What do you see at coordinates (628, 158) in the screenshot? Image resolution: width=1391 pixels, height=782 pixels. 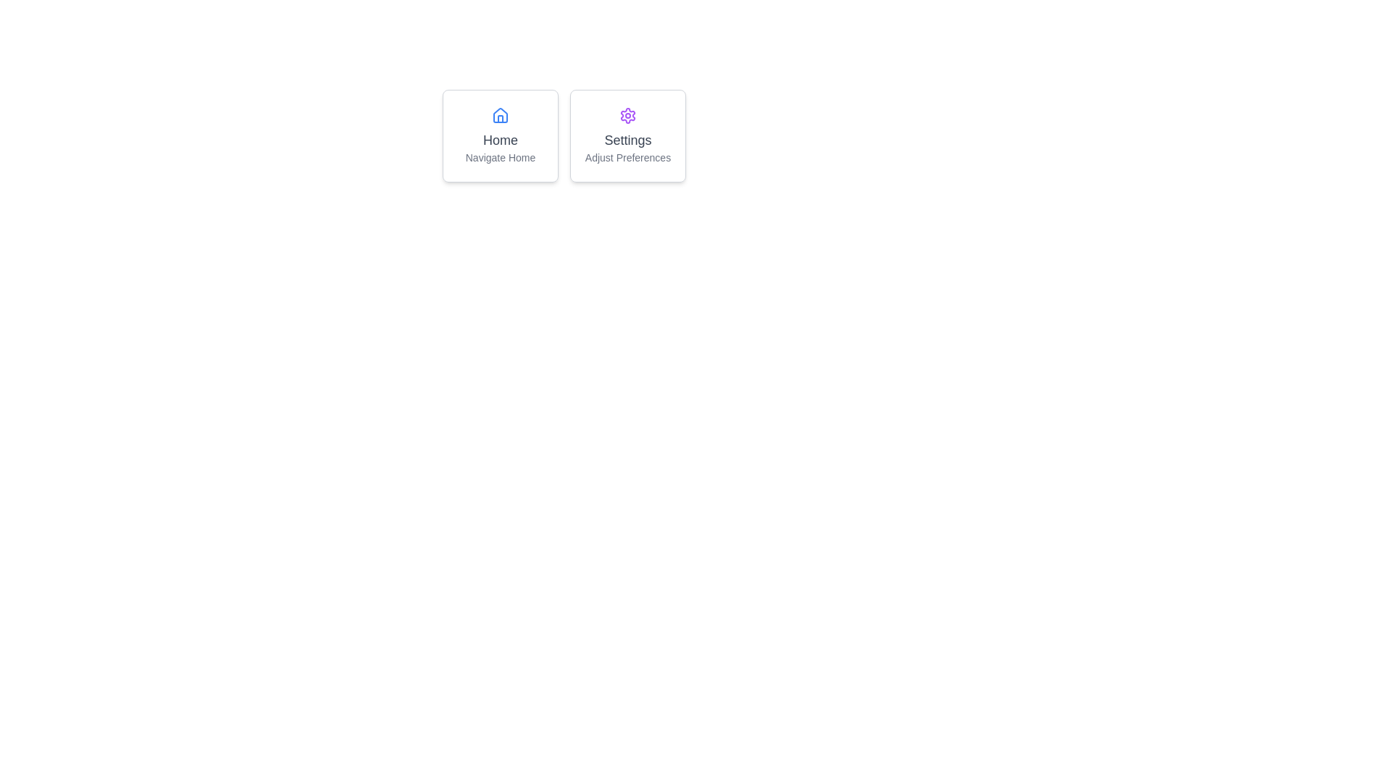 I see `the text label displaying 'Adjust Preferences' in a small gray font, which is located under the 'Settings' heading within the card titled 'Settings'` at bounding box center [628, 158].